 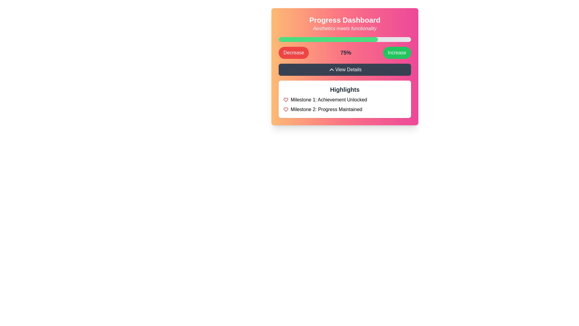 What do you see at coordinates (345, 40) in the screenshot?
I see `the Progress Indicator (Progress Bar) which is a horizontally oriented bar with a light gray background and a green inner bar indicating 75% progress, located centrally within the 'Progress Dashboard' card component` at bounding box center [345, 40].